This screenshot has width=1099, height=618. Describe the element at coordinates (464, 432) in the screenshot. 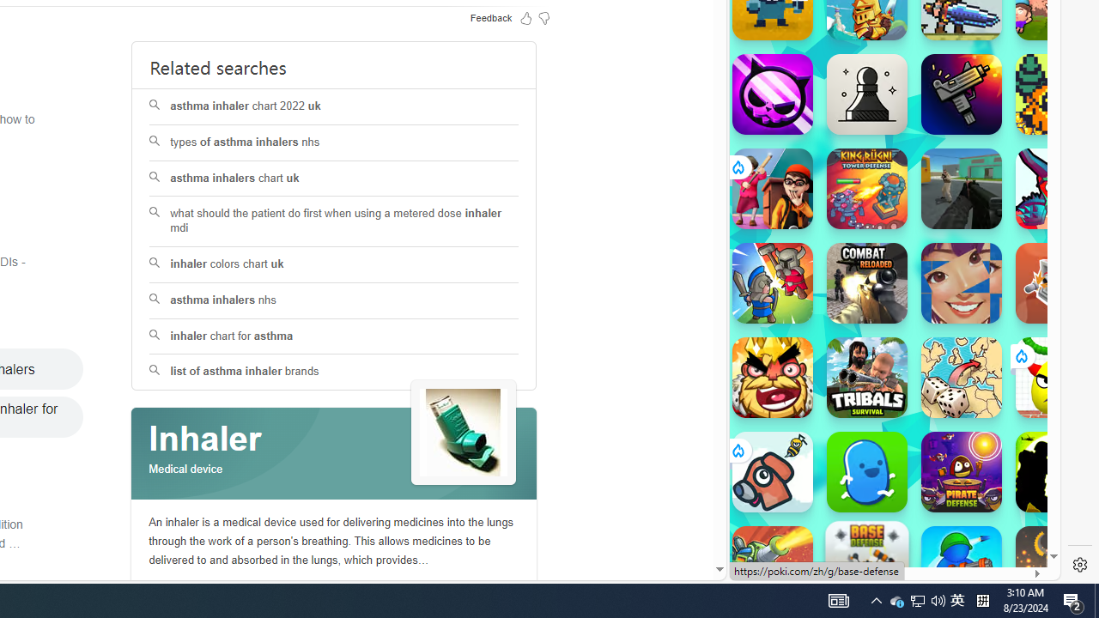

I see `'See more images of Inhaler'` at that location.